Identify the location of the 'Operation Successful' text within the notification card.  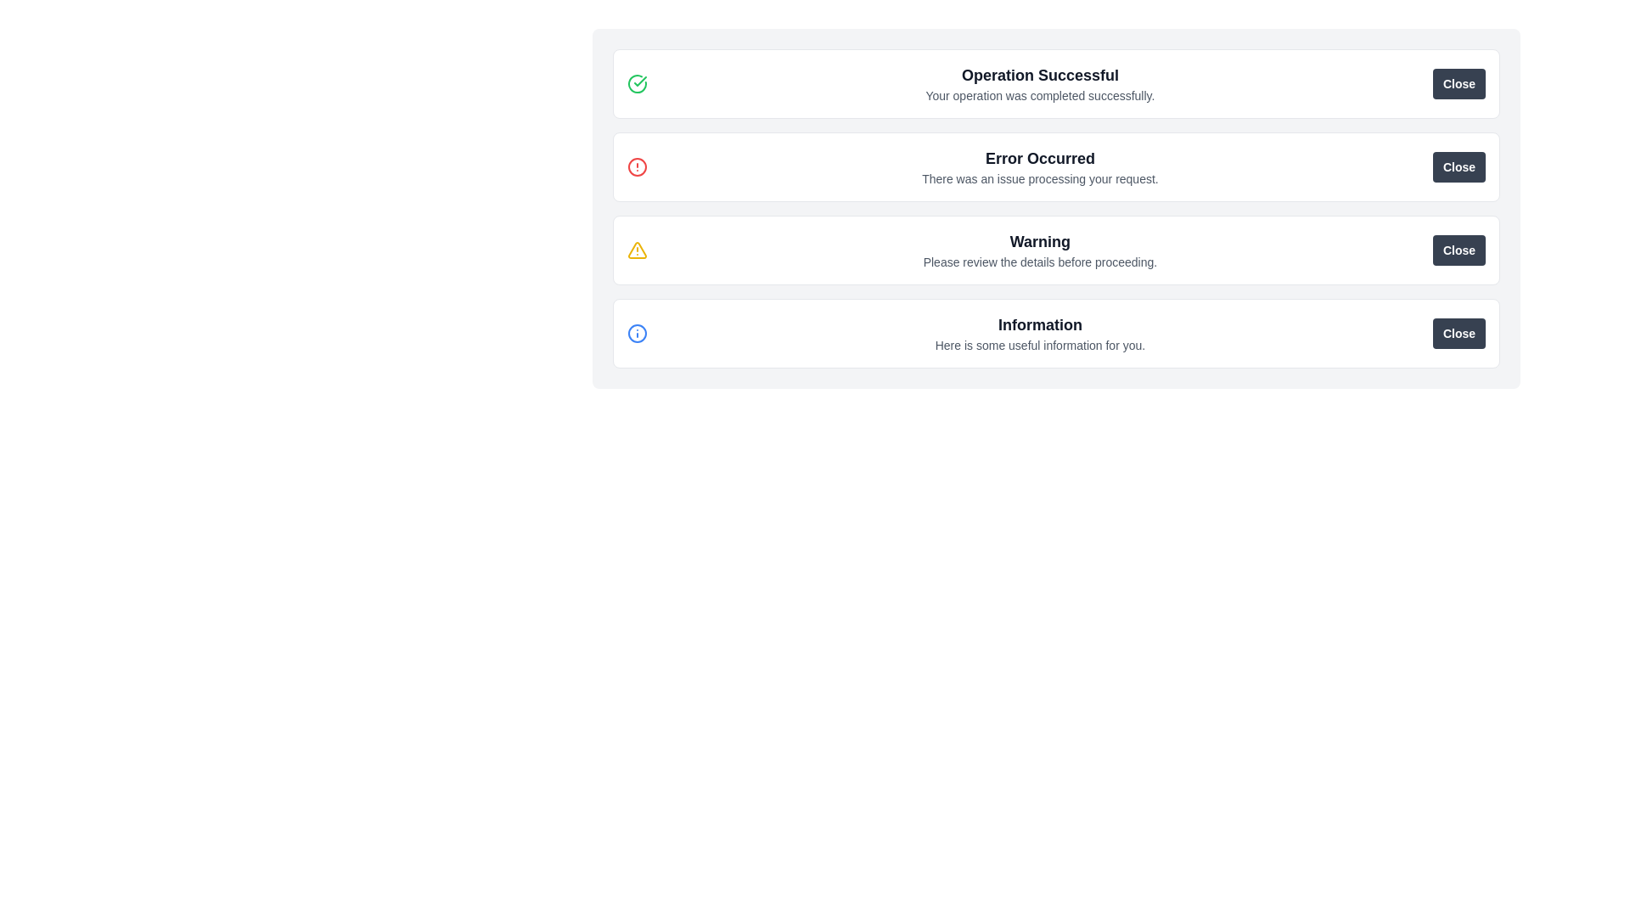
(1039, 84).